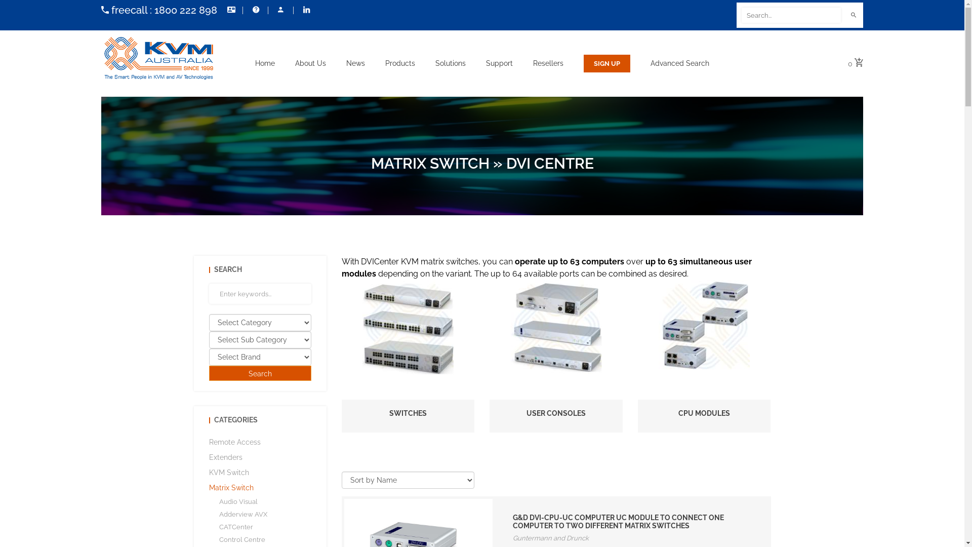 The height and width of the screenshot is (547, 972). What do you see at coordinates (555, 413) in the screenshot?
I see `'USER CONSOLES'` at bounding box center [555, 413].